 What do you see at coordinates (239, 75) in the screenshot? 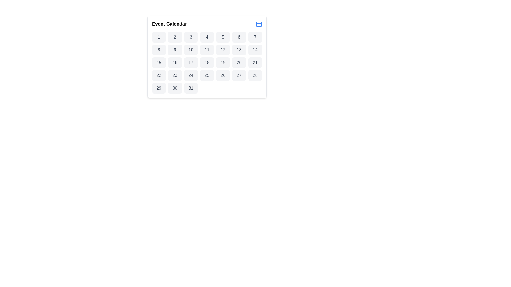
I see `the button representing the date '27' in the calendar grid layout` at bounding box center [239, 75].